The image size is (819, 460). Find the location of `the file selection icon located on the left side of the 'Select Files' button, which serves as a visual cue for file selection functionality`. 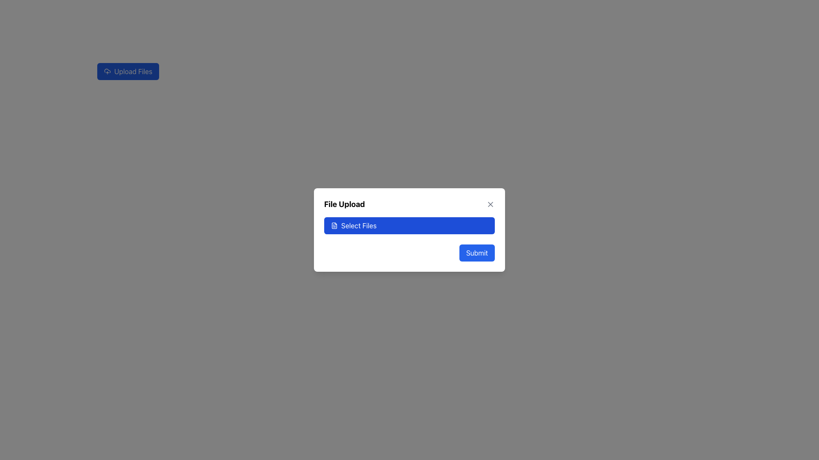

the file selection icon located on the left side of the 'Select Files' button, which serves as a visual cue for file selection functionality is located at coordinates (334, 225).